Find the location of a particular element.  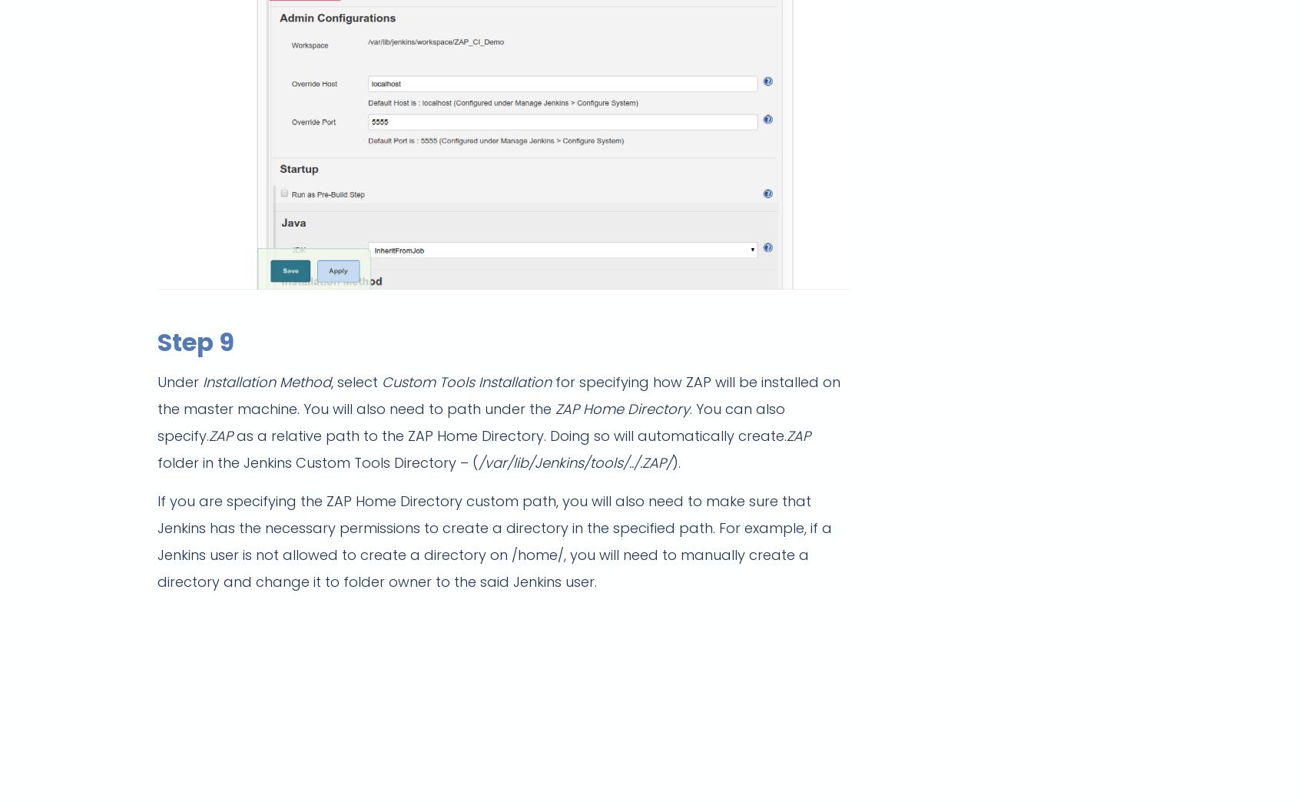

'If you are specifying the ZAP Home Directory custom path, you will also need to make sure that Jenkins has the necessary permissions to create a directory in the specified path. For example, if a Jenkins user is not allowed to create a directory on /home/, you will need to manually create a directory and change it to folder owner to the said Jenkins user.' is located at coordinates (494, 540).